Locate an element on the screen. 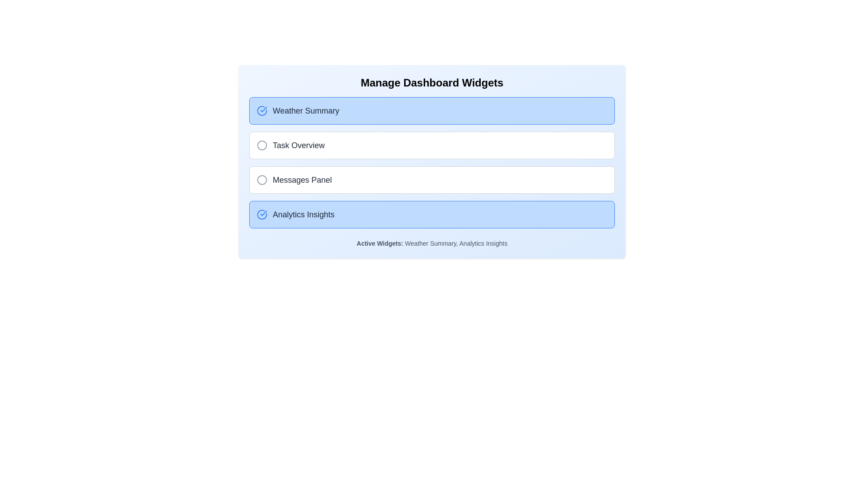 Image resolution: width=853 pixels, height=479 pixels. the circular icon with a light gray color located on the left side of the 'Task Overview' panel is located at coordinates (262, 145).